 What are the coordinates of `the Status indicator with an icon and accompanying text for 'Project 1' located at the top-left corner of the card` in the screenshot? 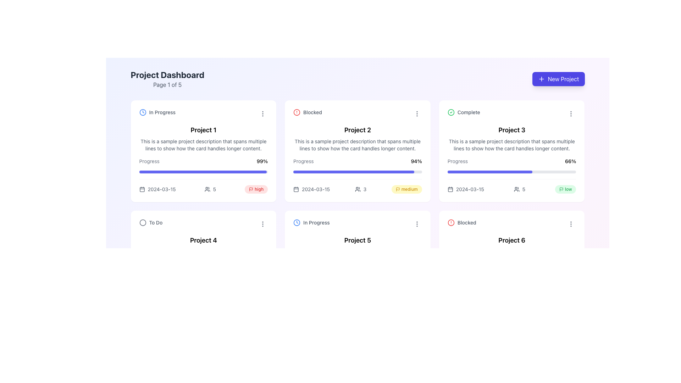 It's located at (157, 112).